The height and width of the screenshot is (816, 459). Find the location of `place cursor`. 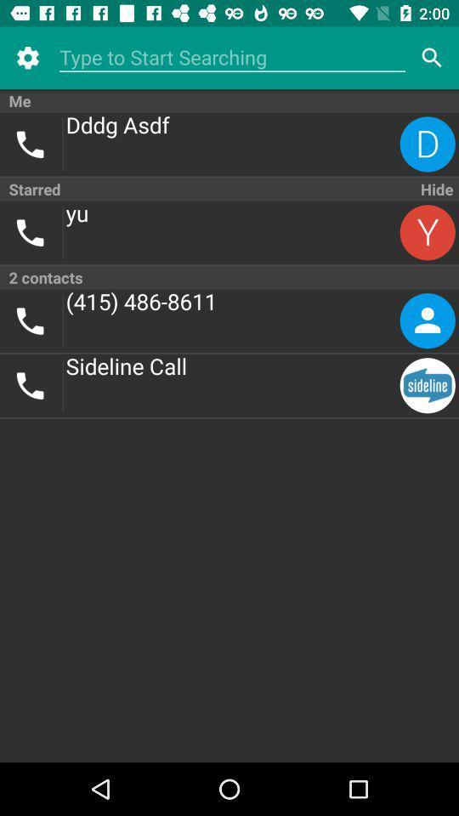

place cursor is located at coordinates (231, 58).